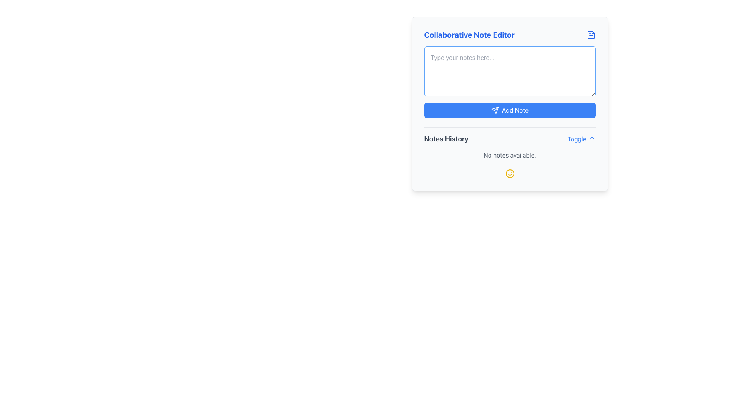  I want to click on the central circular shape of the smiley face icon located at the bottom center of the 'Notes History' section, so click(510, 173).